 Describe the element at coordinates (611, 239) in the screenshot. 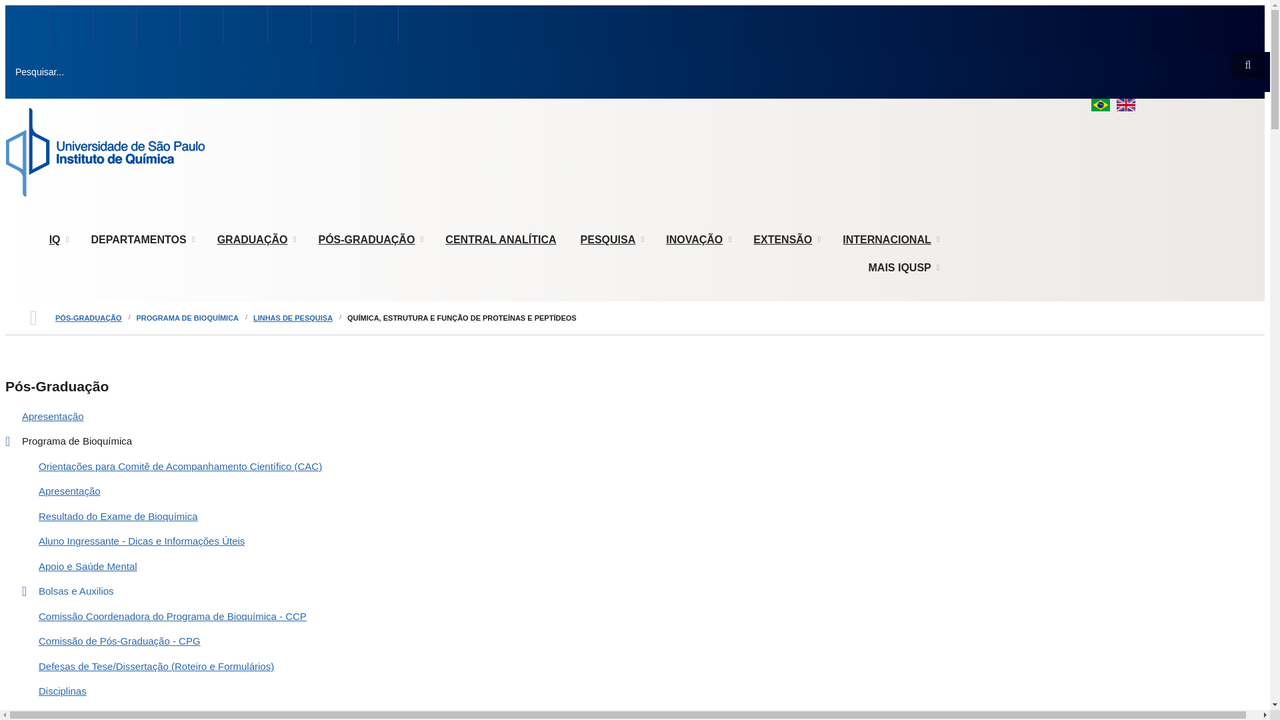

I see `'PESQUISA'` at that location.